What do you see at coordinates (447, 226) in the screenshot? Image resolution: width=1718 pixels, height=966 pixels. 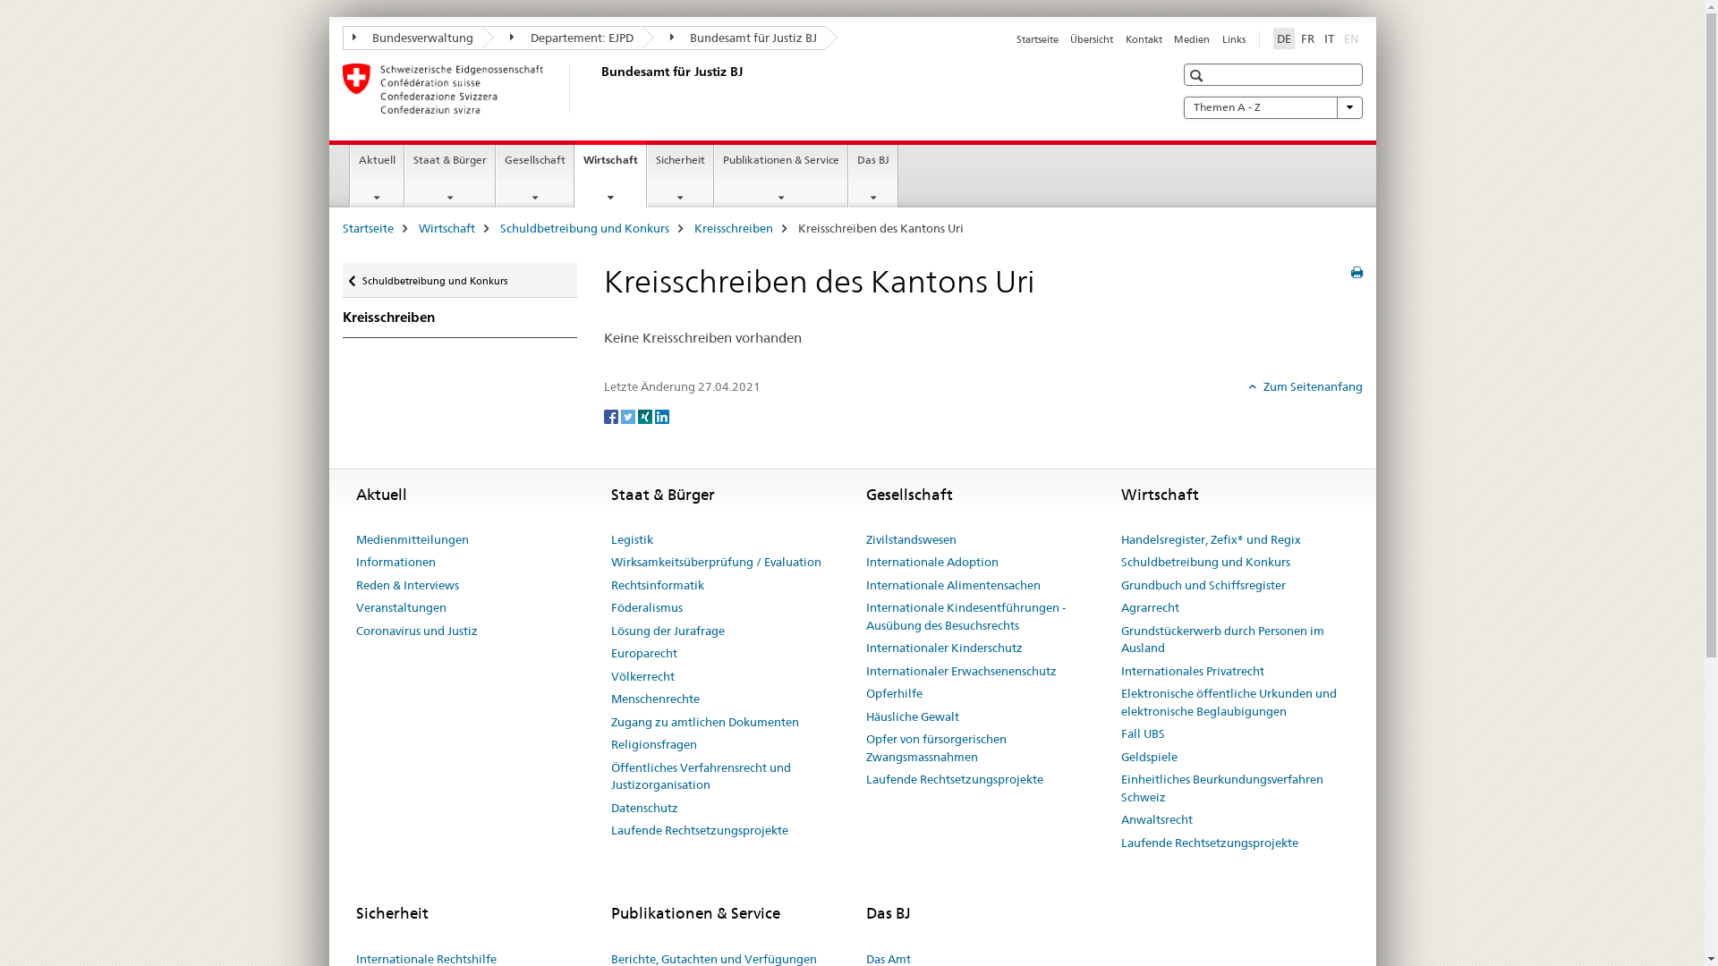 I see `'Wirtschaft'` at bounding box center [447, 226].